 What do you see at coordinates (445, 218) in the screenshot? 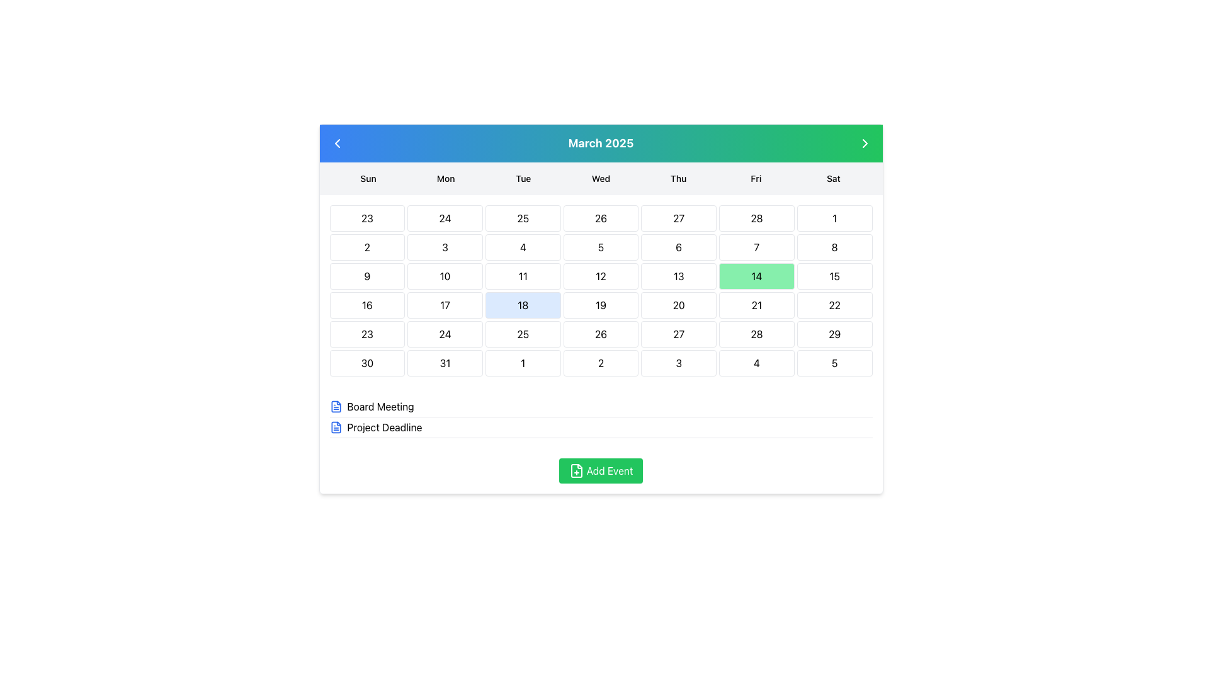
I see `from the calendar cell displaying the date '24'` at bounding box center [445, 218].